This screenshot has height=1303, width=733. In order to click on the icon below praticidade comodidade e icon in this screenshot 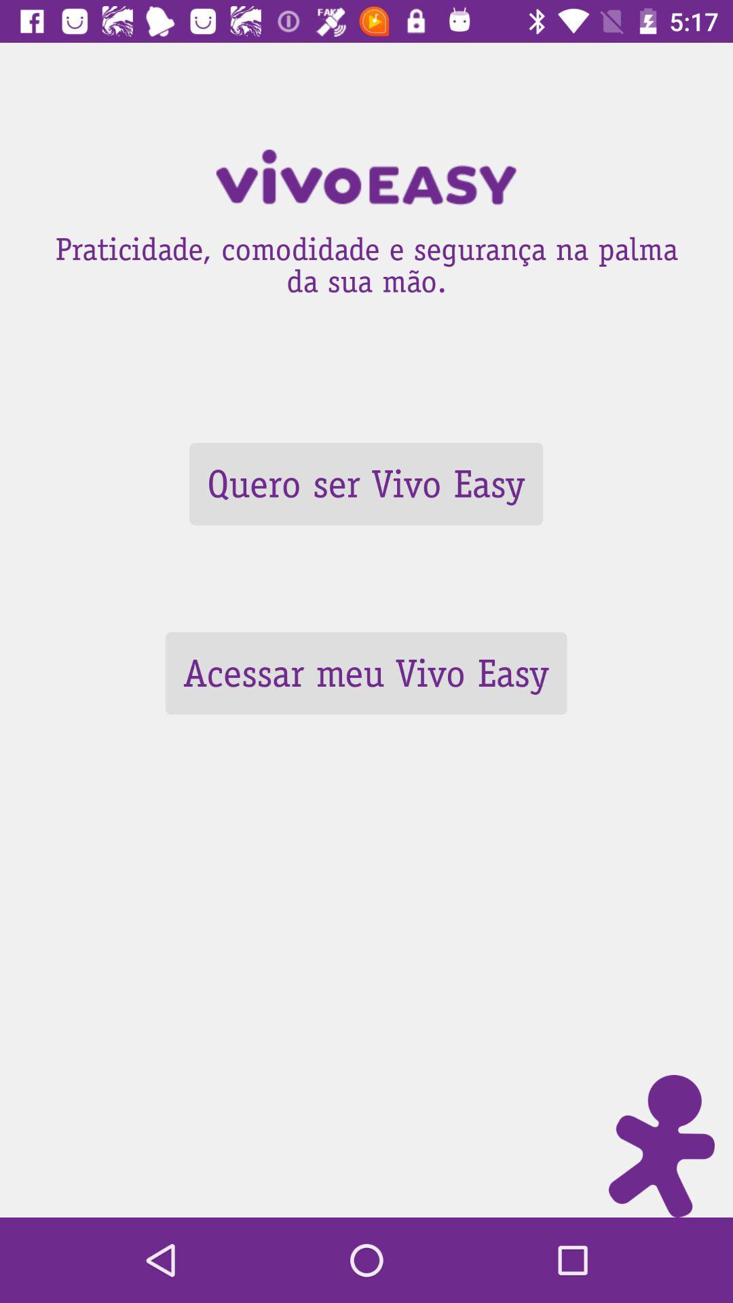, I will do `click(365, 484)`.